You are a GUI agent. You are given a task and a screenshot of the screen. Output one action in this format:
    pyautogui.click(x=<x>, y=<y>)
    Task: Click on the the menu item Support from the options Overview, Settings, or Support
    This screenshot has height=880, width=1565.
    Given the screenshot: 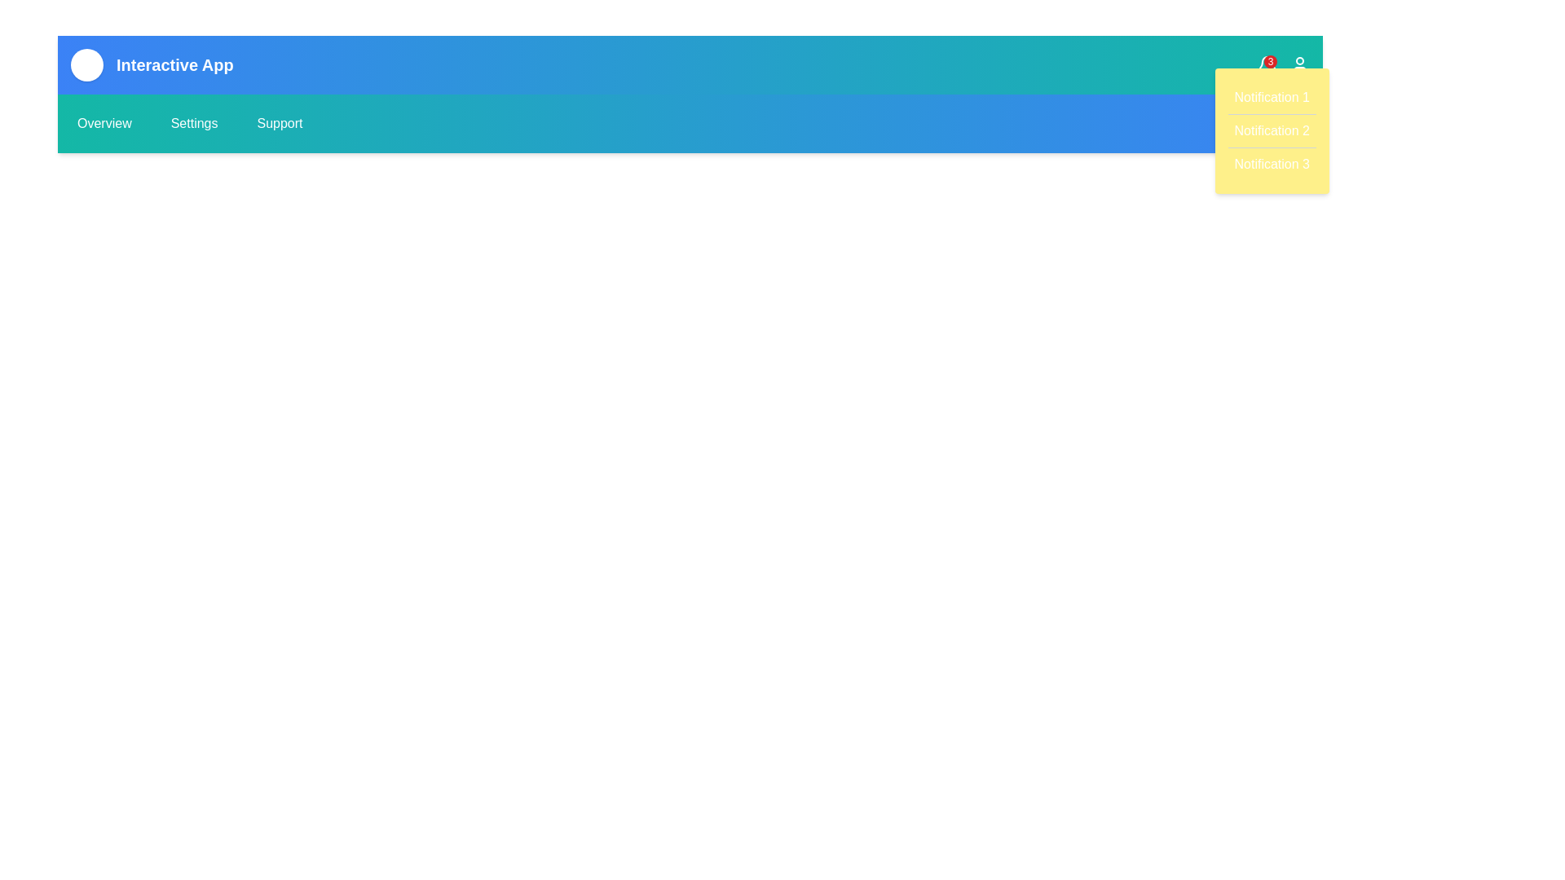 What is the action you would take?
    pyautogui.click(x=279, y=122)
    